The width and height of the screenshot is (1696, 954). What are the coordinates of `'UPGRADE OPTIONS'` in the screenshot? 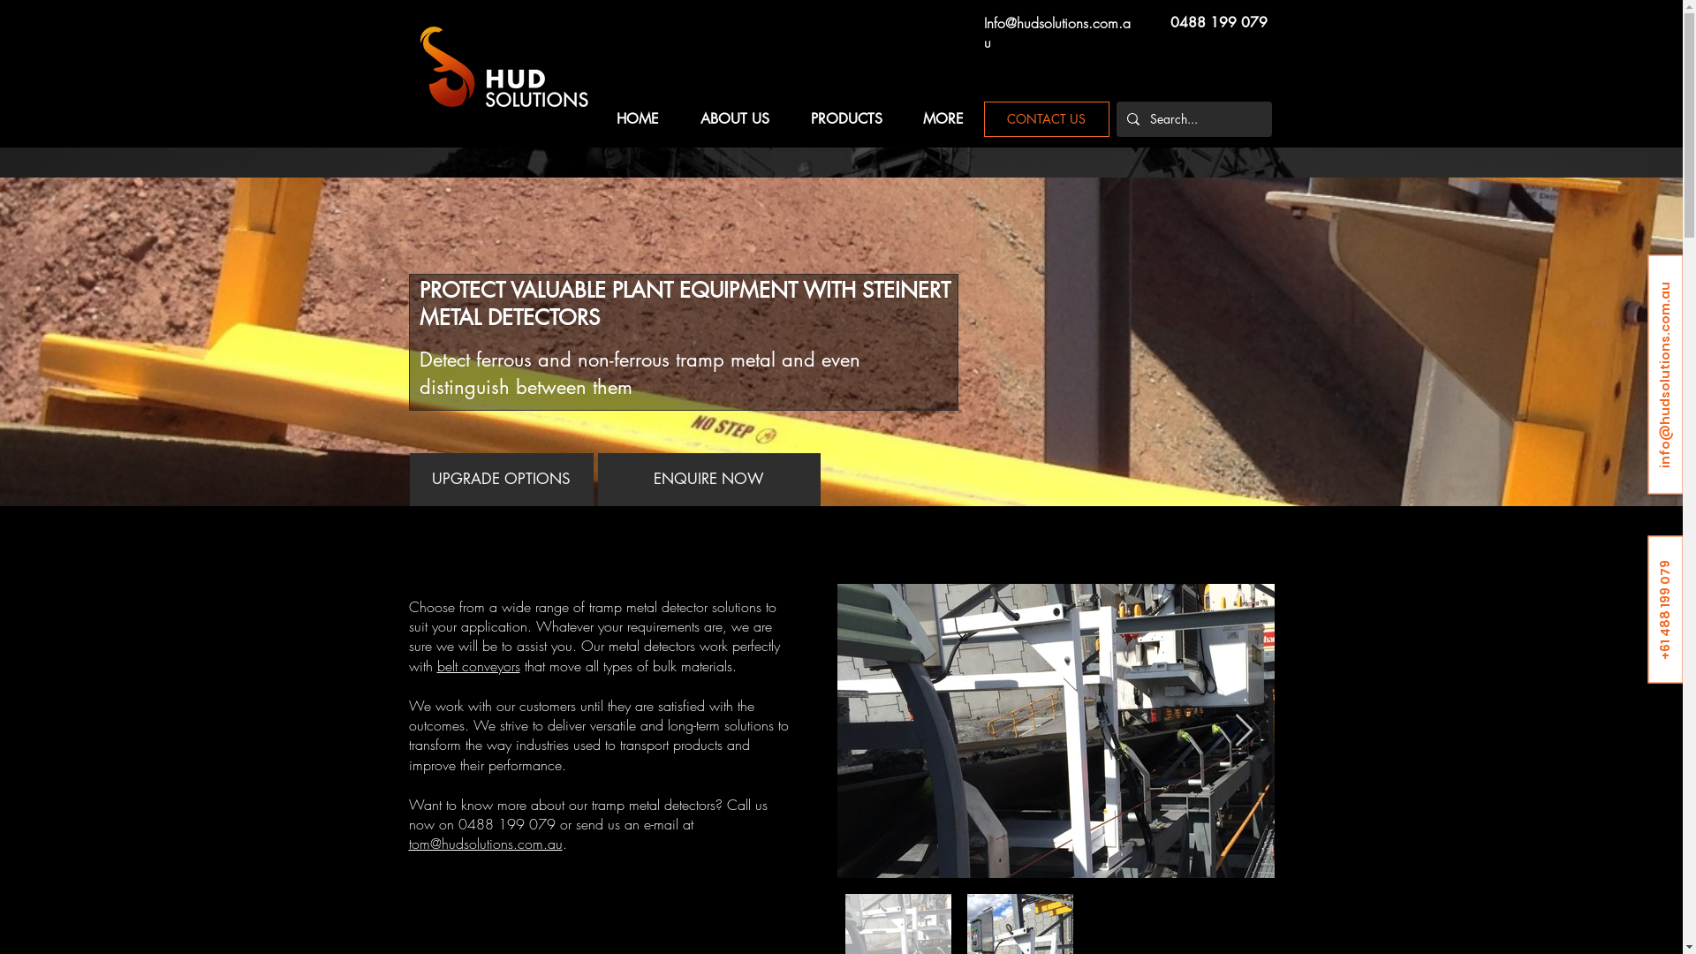 It's located at (409, 480).